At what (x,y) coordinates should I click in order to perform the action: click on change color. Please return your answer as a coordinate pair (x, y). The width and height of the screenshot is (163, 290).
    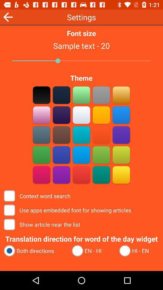
    Looking at the image, I should click on (61, 95).